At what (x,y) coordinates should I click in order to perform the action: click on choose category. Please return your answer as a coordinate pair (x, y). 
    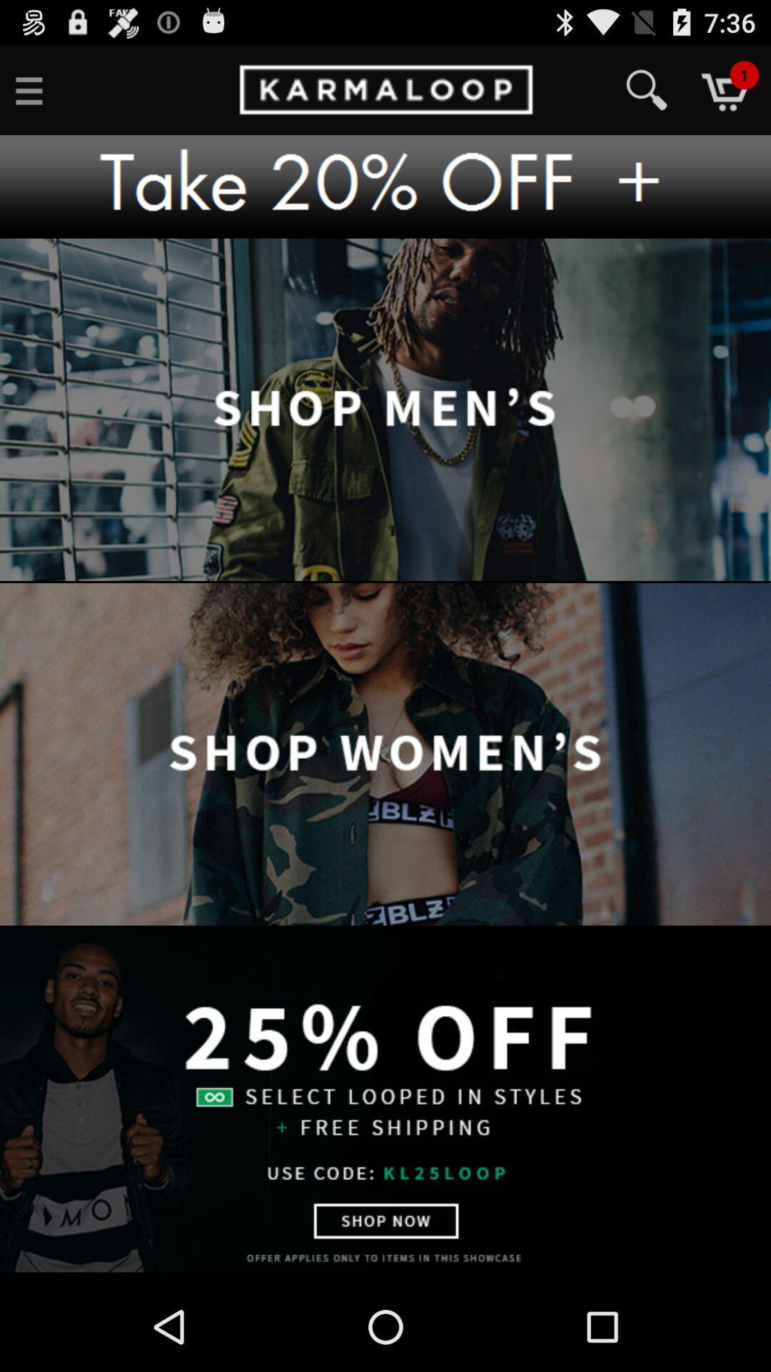
    Looking at the image, I should click on (385, 755).